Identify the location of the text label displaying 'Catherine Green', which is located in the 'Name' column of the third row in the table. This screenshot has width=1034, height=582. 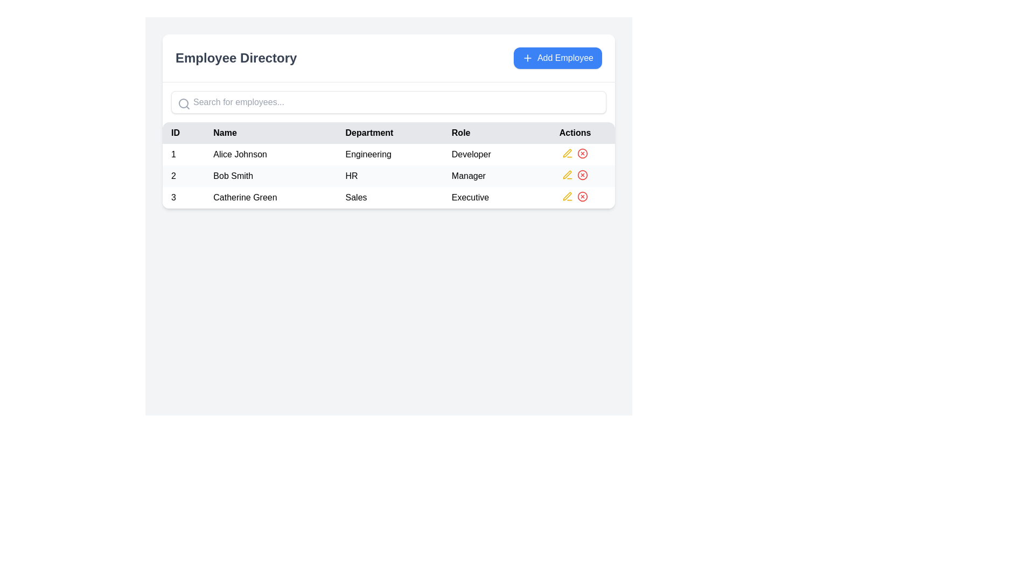
(270, 197).